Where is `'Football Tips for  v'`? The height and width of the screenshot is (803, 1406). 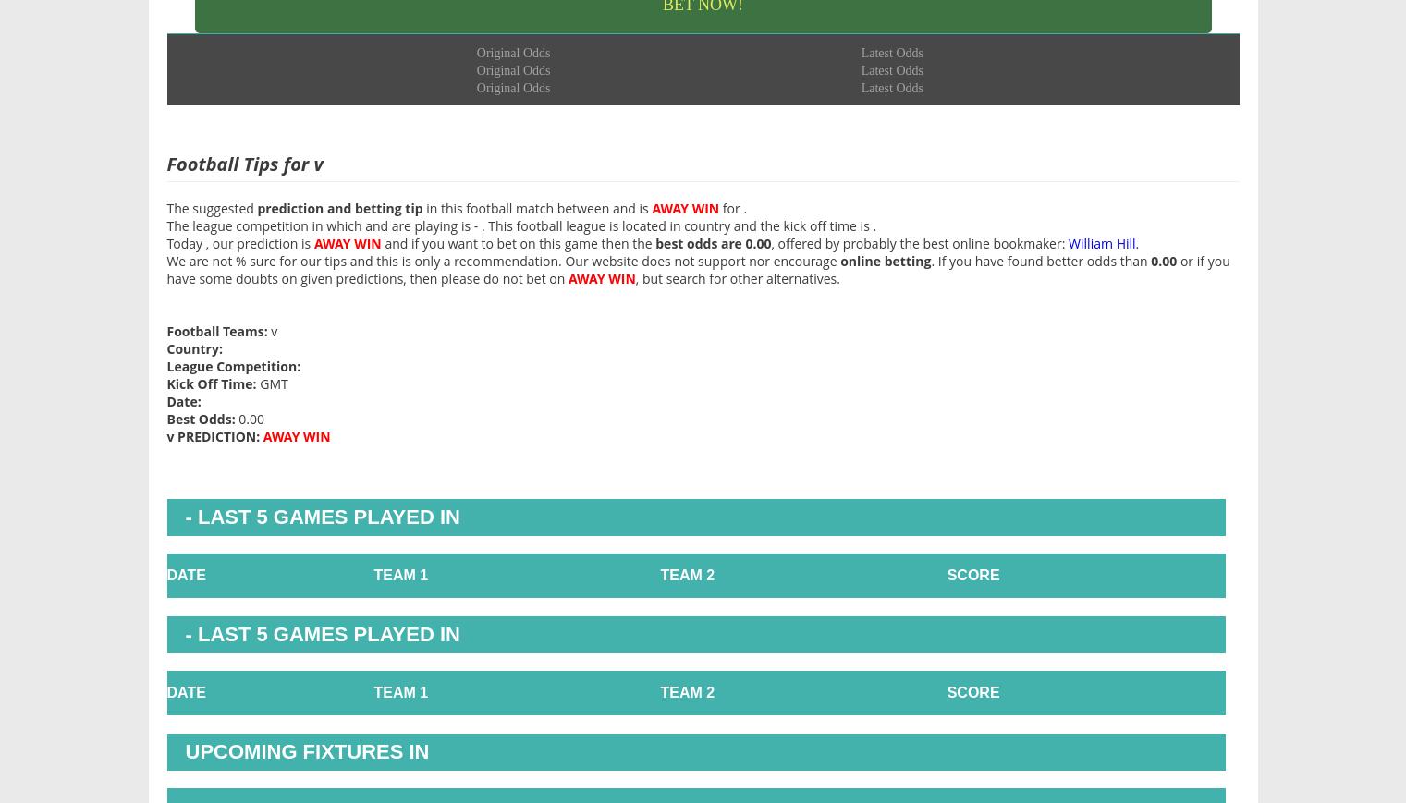
'Football Tips for  v' is located at coordinates (244, 162).